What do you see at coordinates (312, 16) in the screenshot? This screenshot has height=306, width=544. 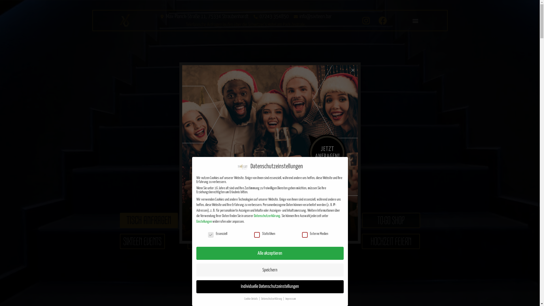 I see `'info@sixteen.bar'` at bounding box center [312, 16].